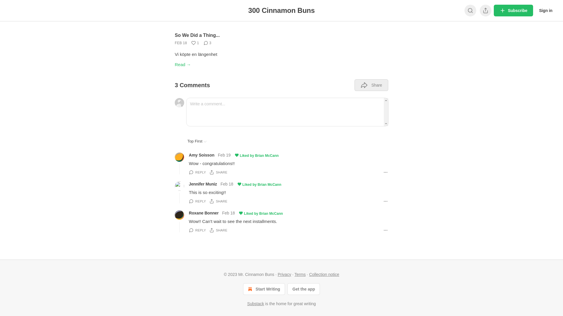 The image size is (563, 316). What do you see at coordinates (324, 274) in the screenshot?
I see `'Collection notice'` at bounding box center [324, 274].